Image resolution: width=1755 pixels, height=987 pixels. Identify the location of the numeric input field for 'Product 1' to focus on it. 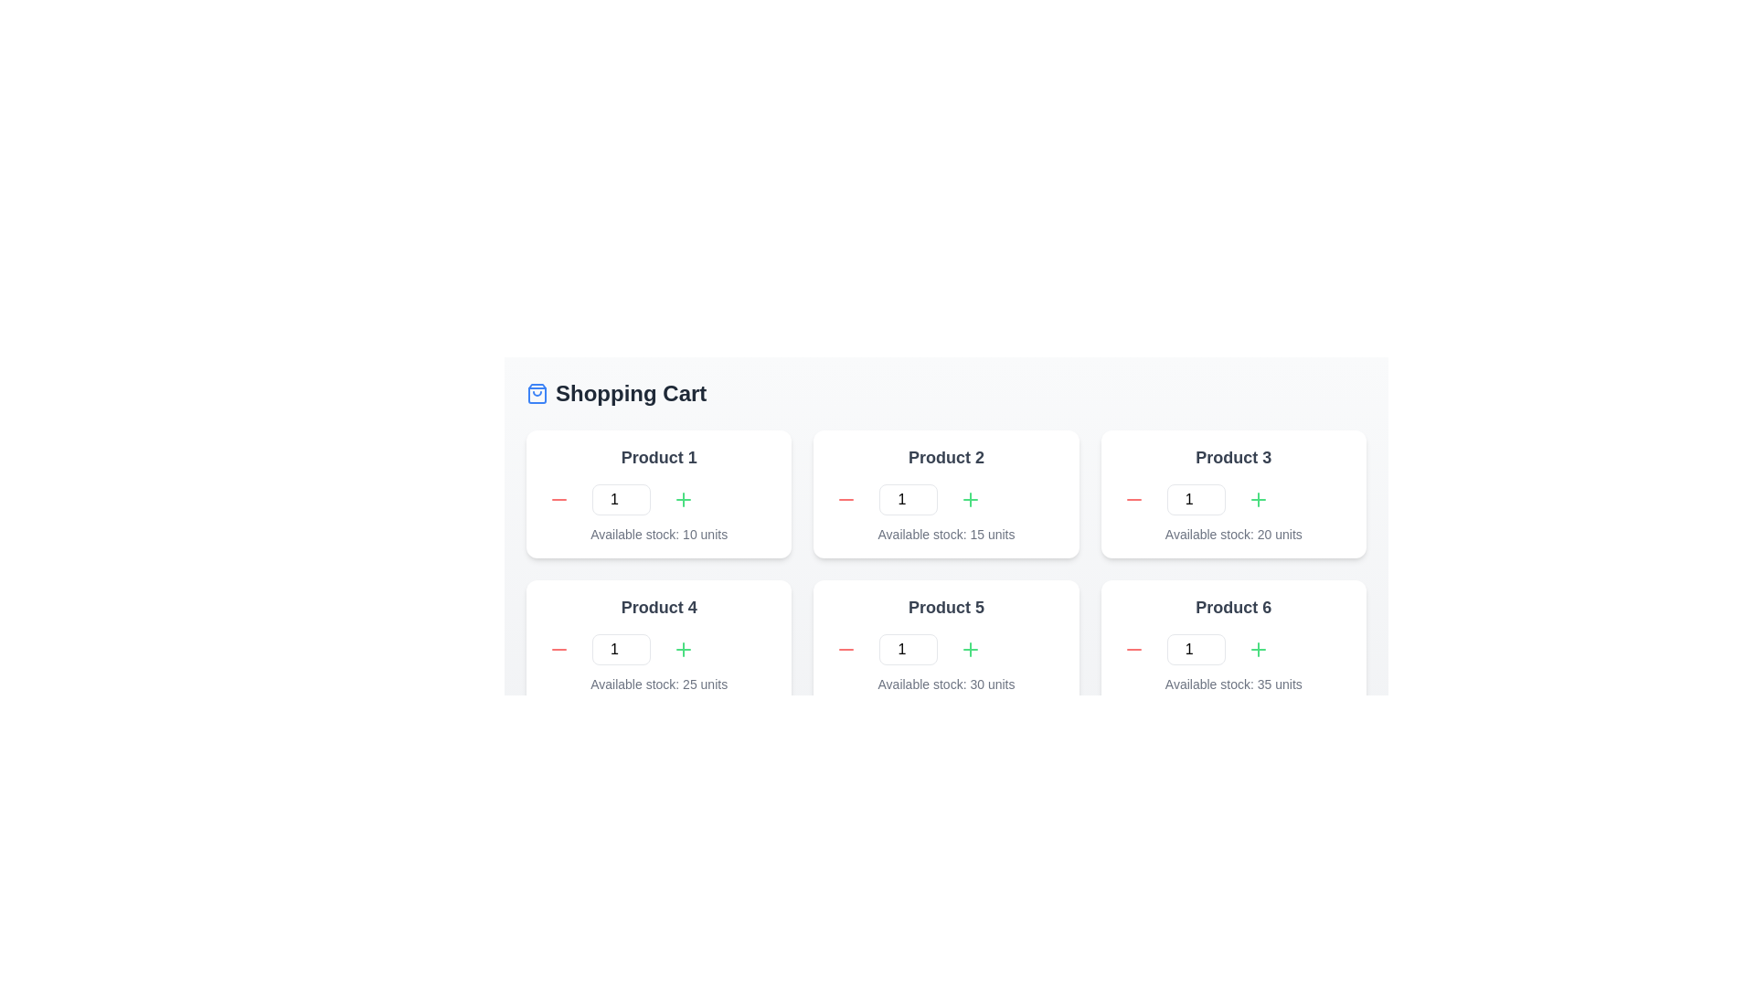
(622, 500).